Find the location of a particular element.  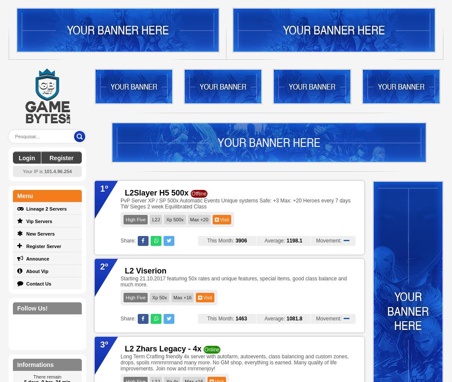

'New Servers' is located at coordinates (40, 233).